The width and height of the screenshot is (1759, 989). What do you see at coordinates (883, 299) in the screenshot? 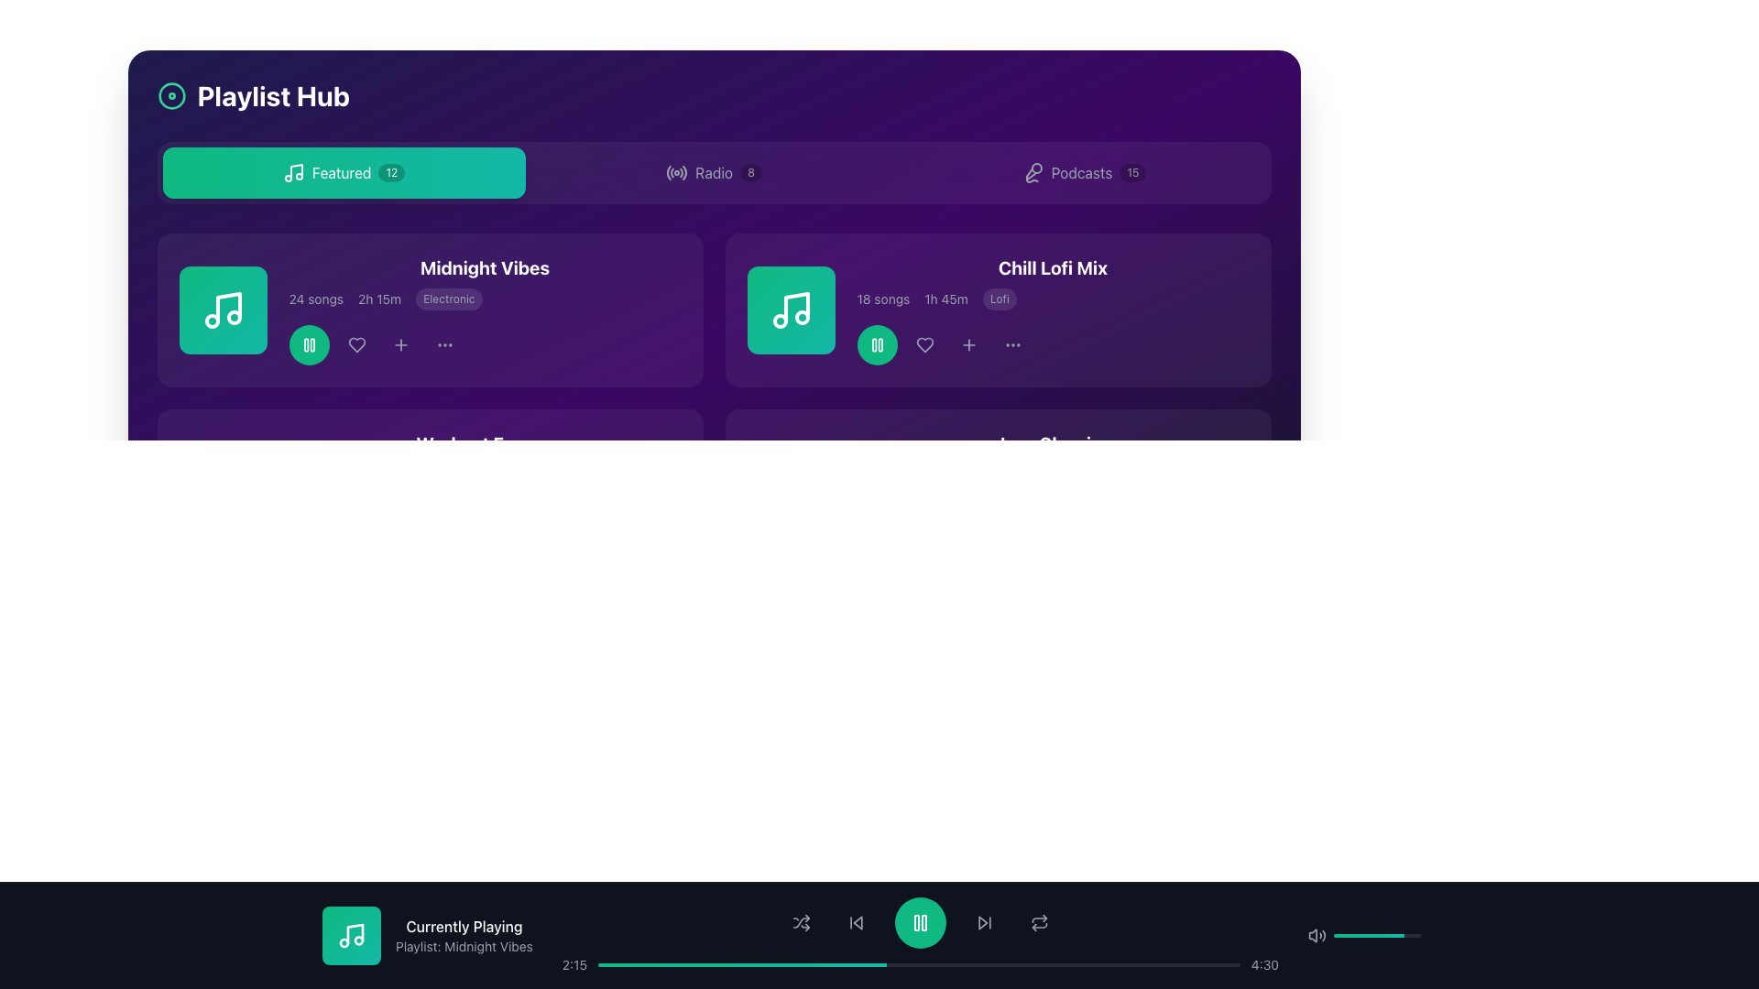
I see `the static text label that indicates the number of songs in the playlist, located to the left of the duration text '1h 45m' and to the right of the playlist title 'Chill Lofi Mix'` at bounding box center [883, 299].